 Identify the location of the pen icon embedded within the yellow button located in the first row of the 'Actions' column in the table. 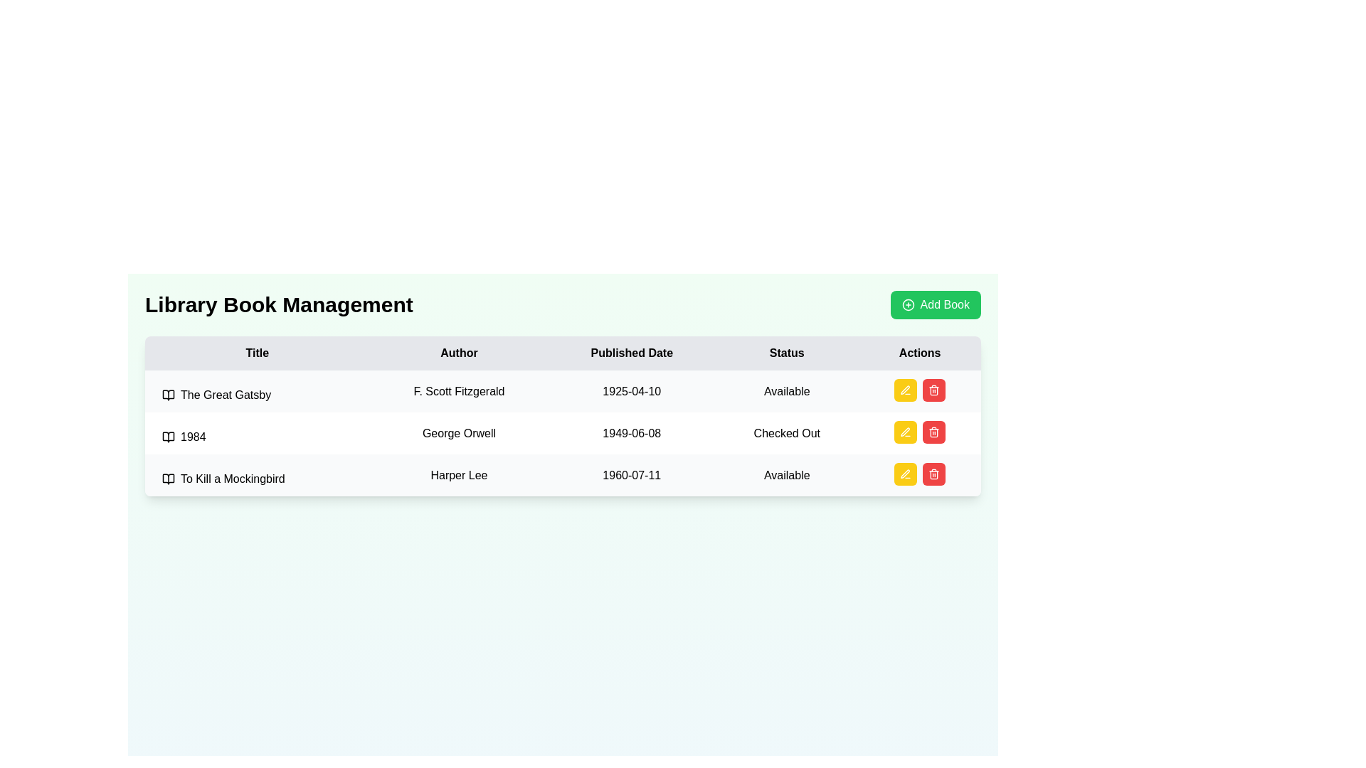
(905, 390).